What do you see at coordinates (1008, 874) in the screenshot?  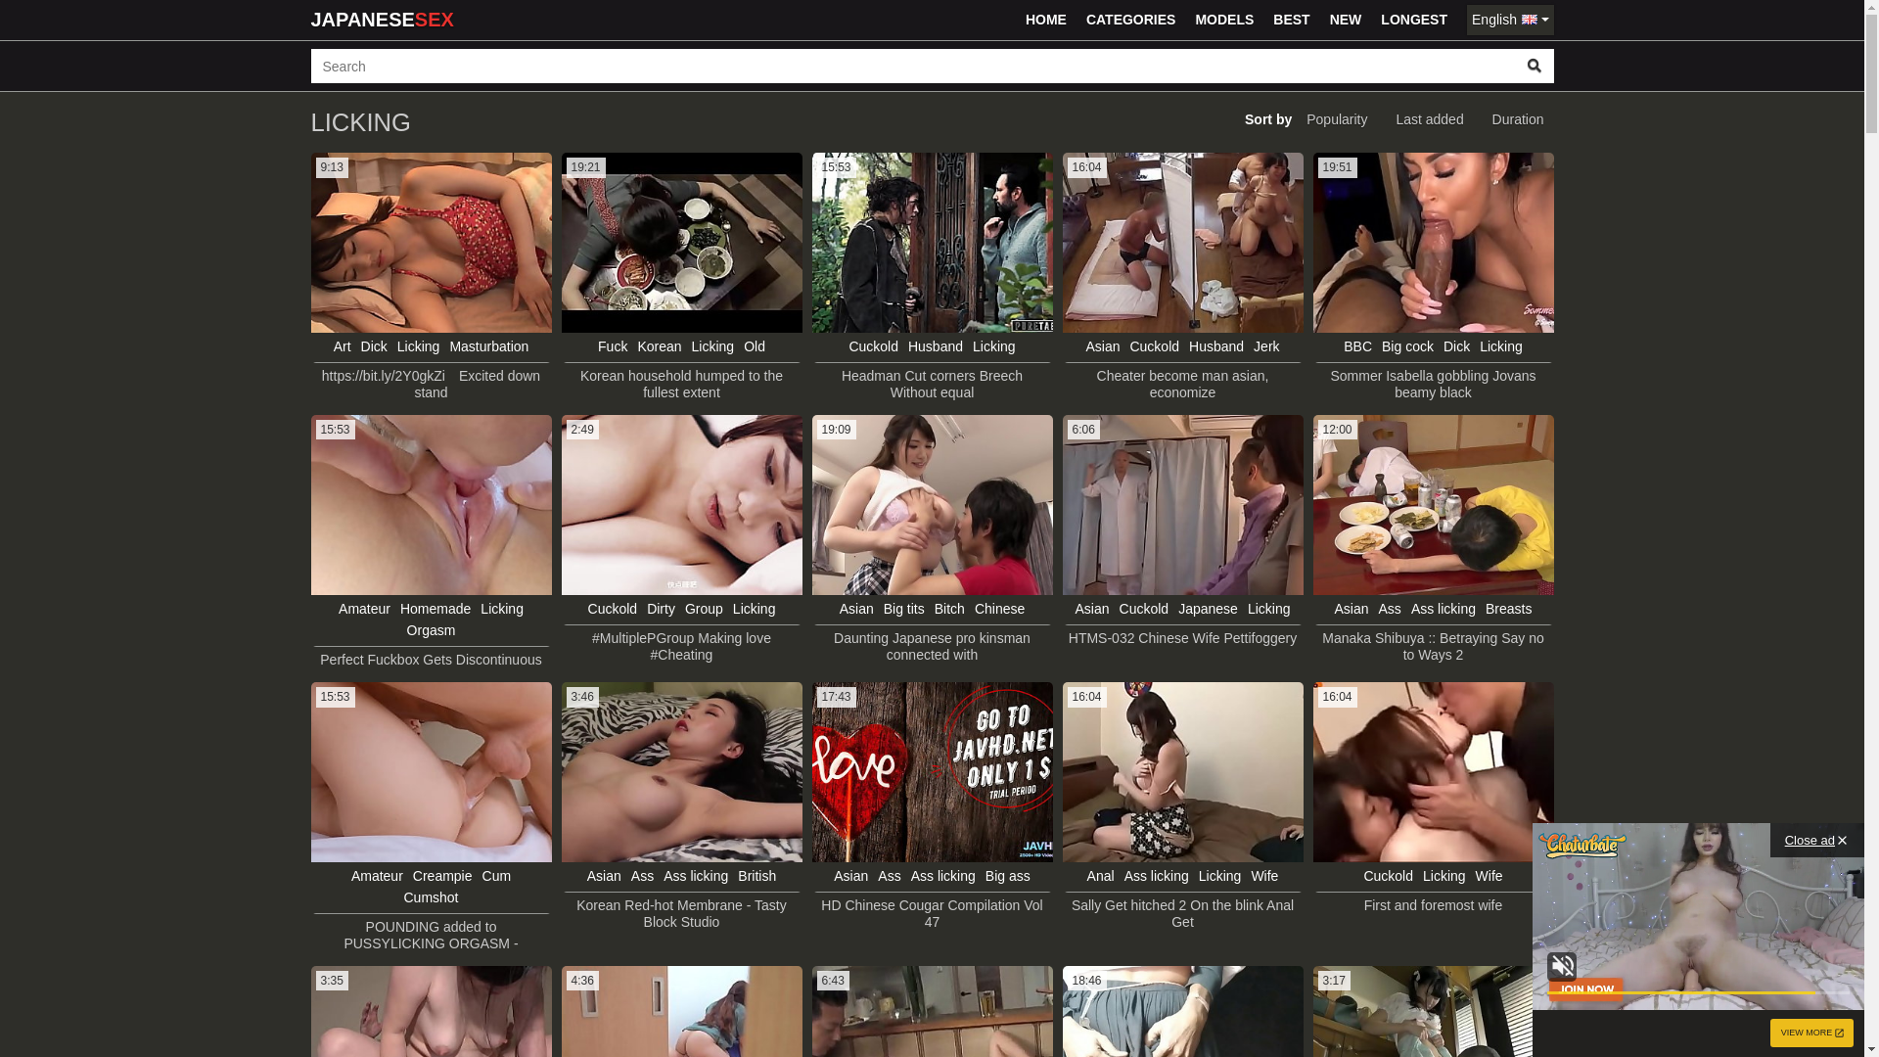 I see `'Big ass'` at bounding box center [1008, 874].